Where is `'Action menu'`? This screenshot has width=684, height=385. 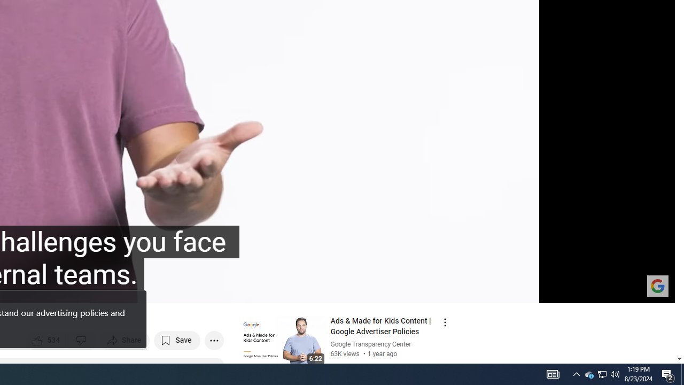 'Action menu' is located at coordinates (445, 322).